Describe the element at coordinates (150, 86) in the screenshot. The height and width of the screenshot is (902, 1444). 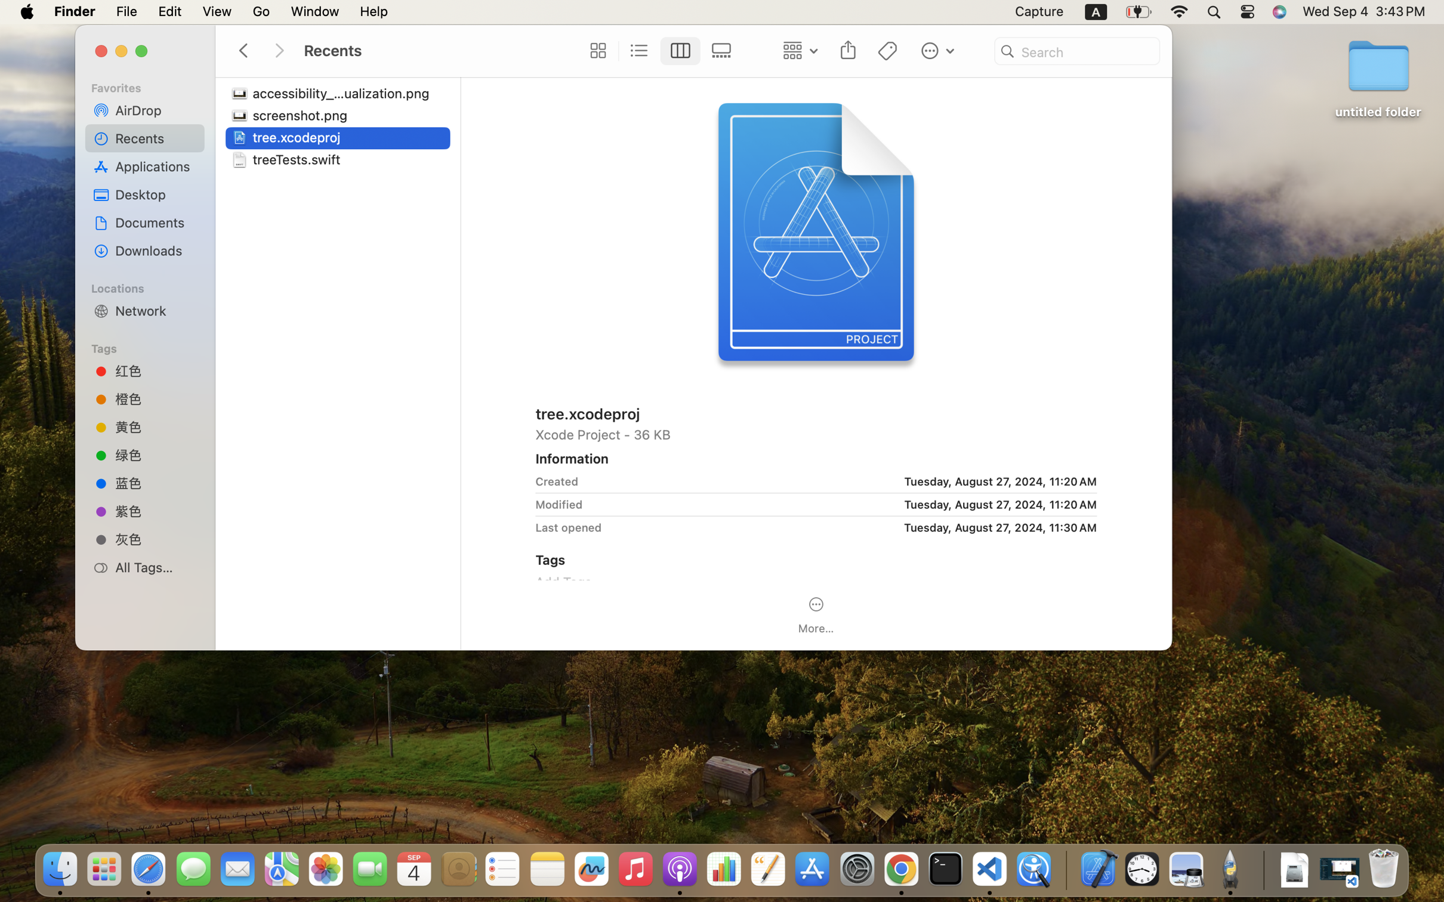
I see `'Favorites'` at that location.